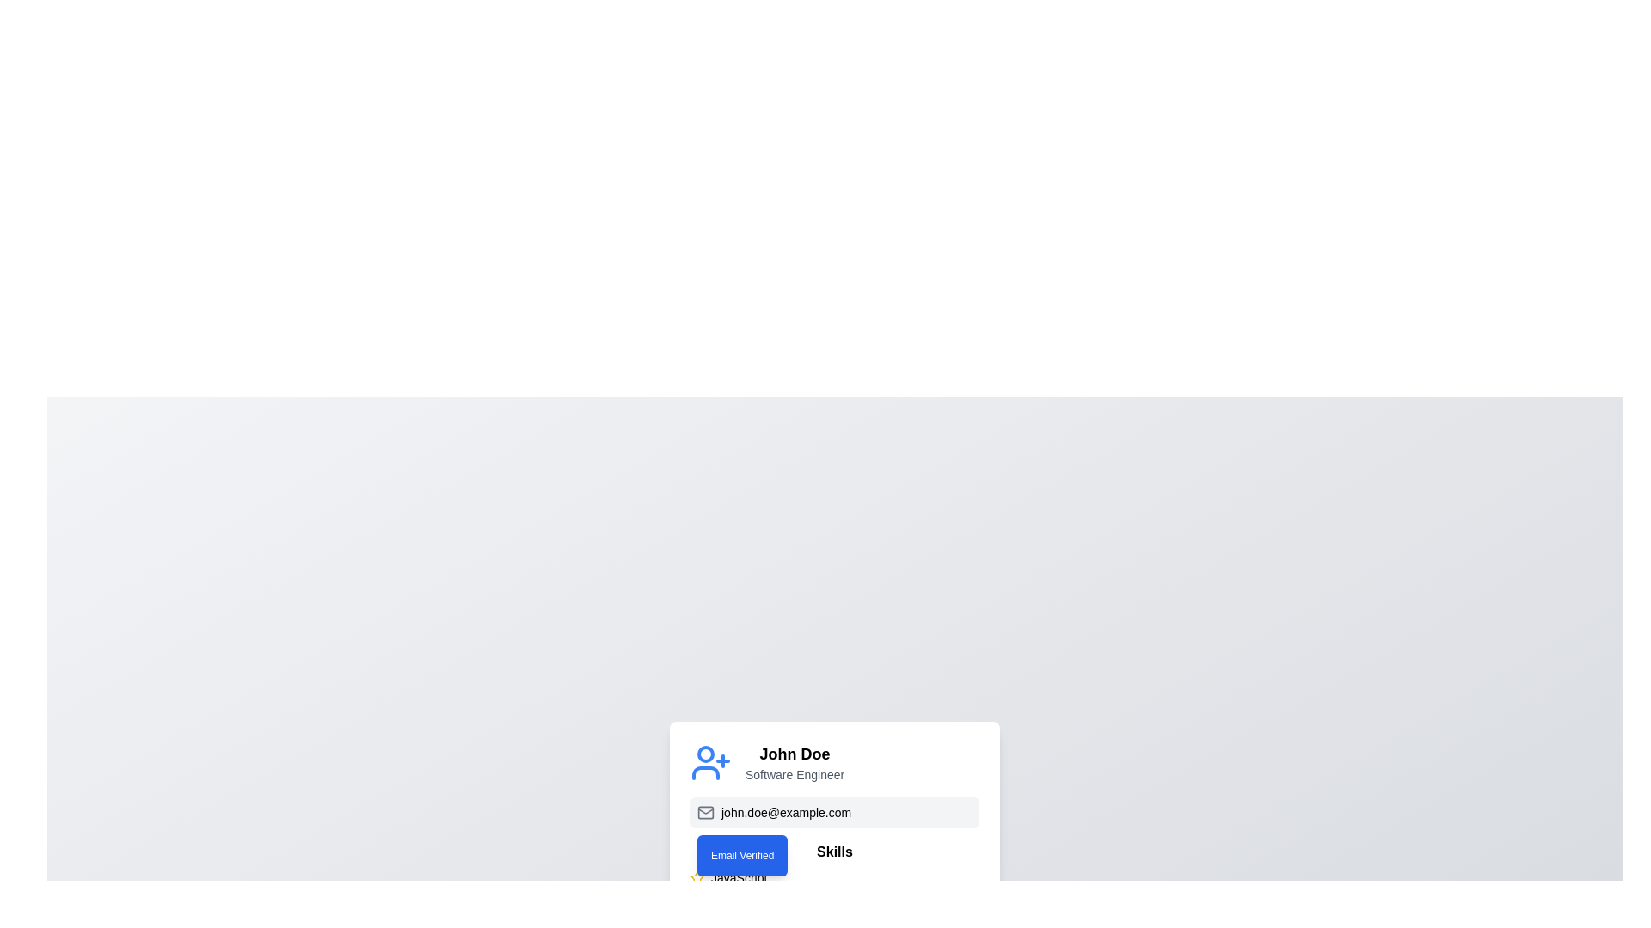 The width and height of the screenshot is (1651, 928). I want to click on the Status Indicator or Badge that confirms the verification of the email address 'john.doe@example.com', so click(742, 855).